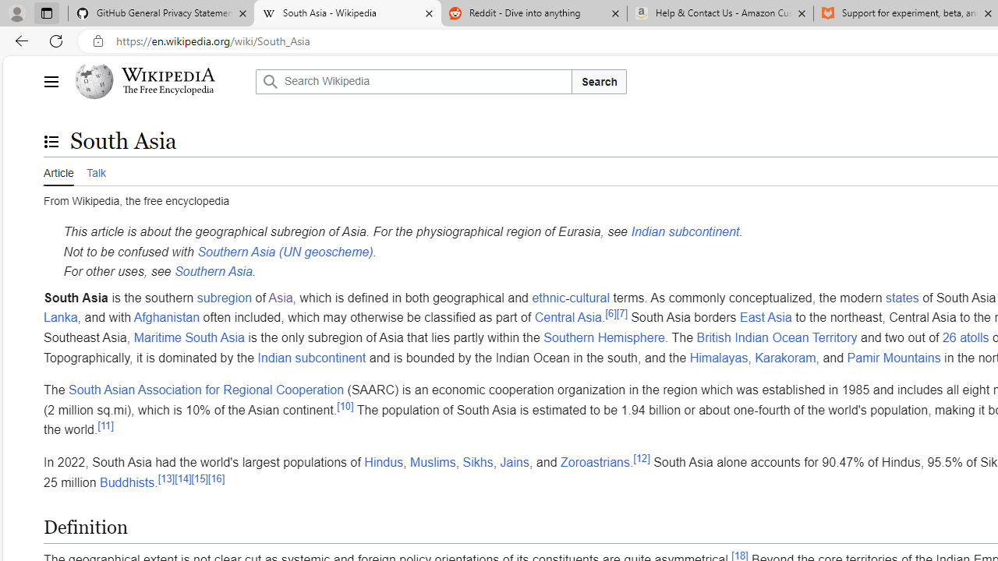  Describe the element at coordinates (166, 478) in the screenshot. I see `'[13]'` at that location.